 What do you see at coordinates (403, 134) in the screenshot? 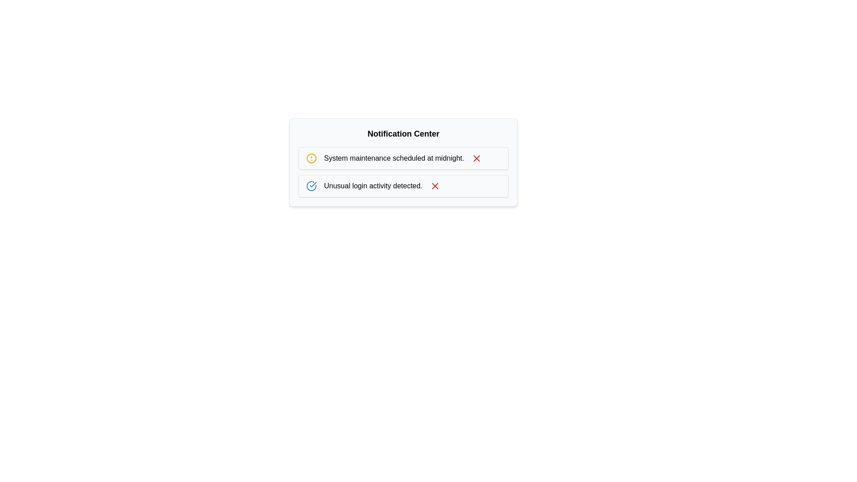
I see `the bold text label displaying 'Notification Center' at the top of the notification card` at bounding box center [403, 134].